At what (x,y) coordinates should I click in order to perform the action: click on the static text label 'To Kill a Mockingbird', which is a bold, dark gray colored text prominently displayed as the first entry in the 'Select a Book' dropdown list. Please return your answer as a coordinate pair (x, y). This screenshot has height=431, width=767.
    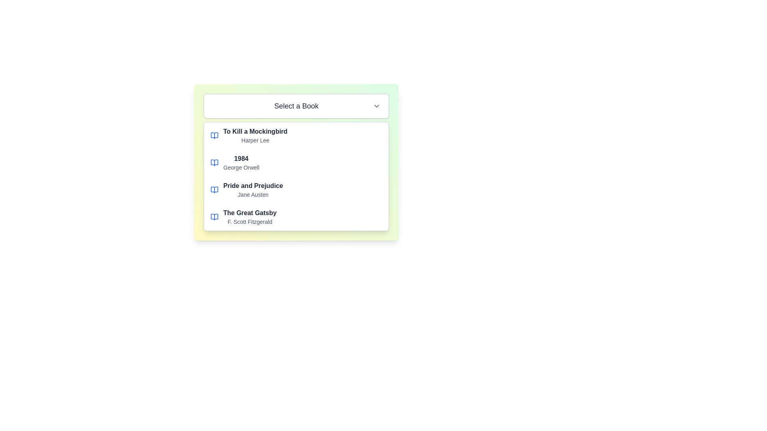
    Looking at the image, I should click on (255, 131).